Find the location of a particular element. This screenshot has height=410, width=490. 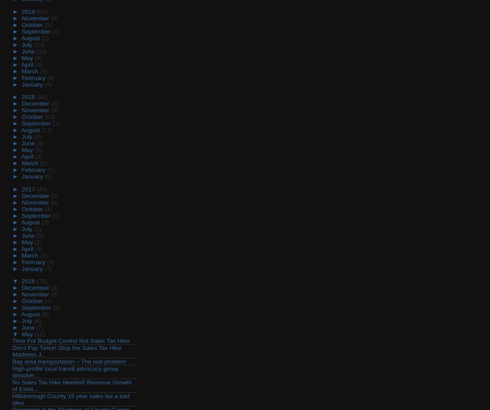

'High-profile local transit advocacy group dissolve...' is located at coordinates (65, 372).